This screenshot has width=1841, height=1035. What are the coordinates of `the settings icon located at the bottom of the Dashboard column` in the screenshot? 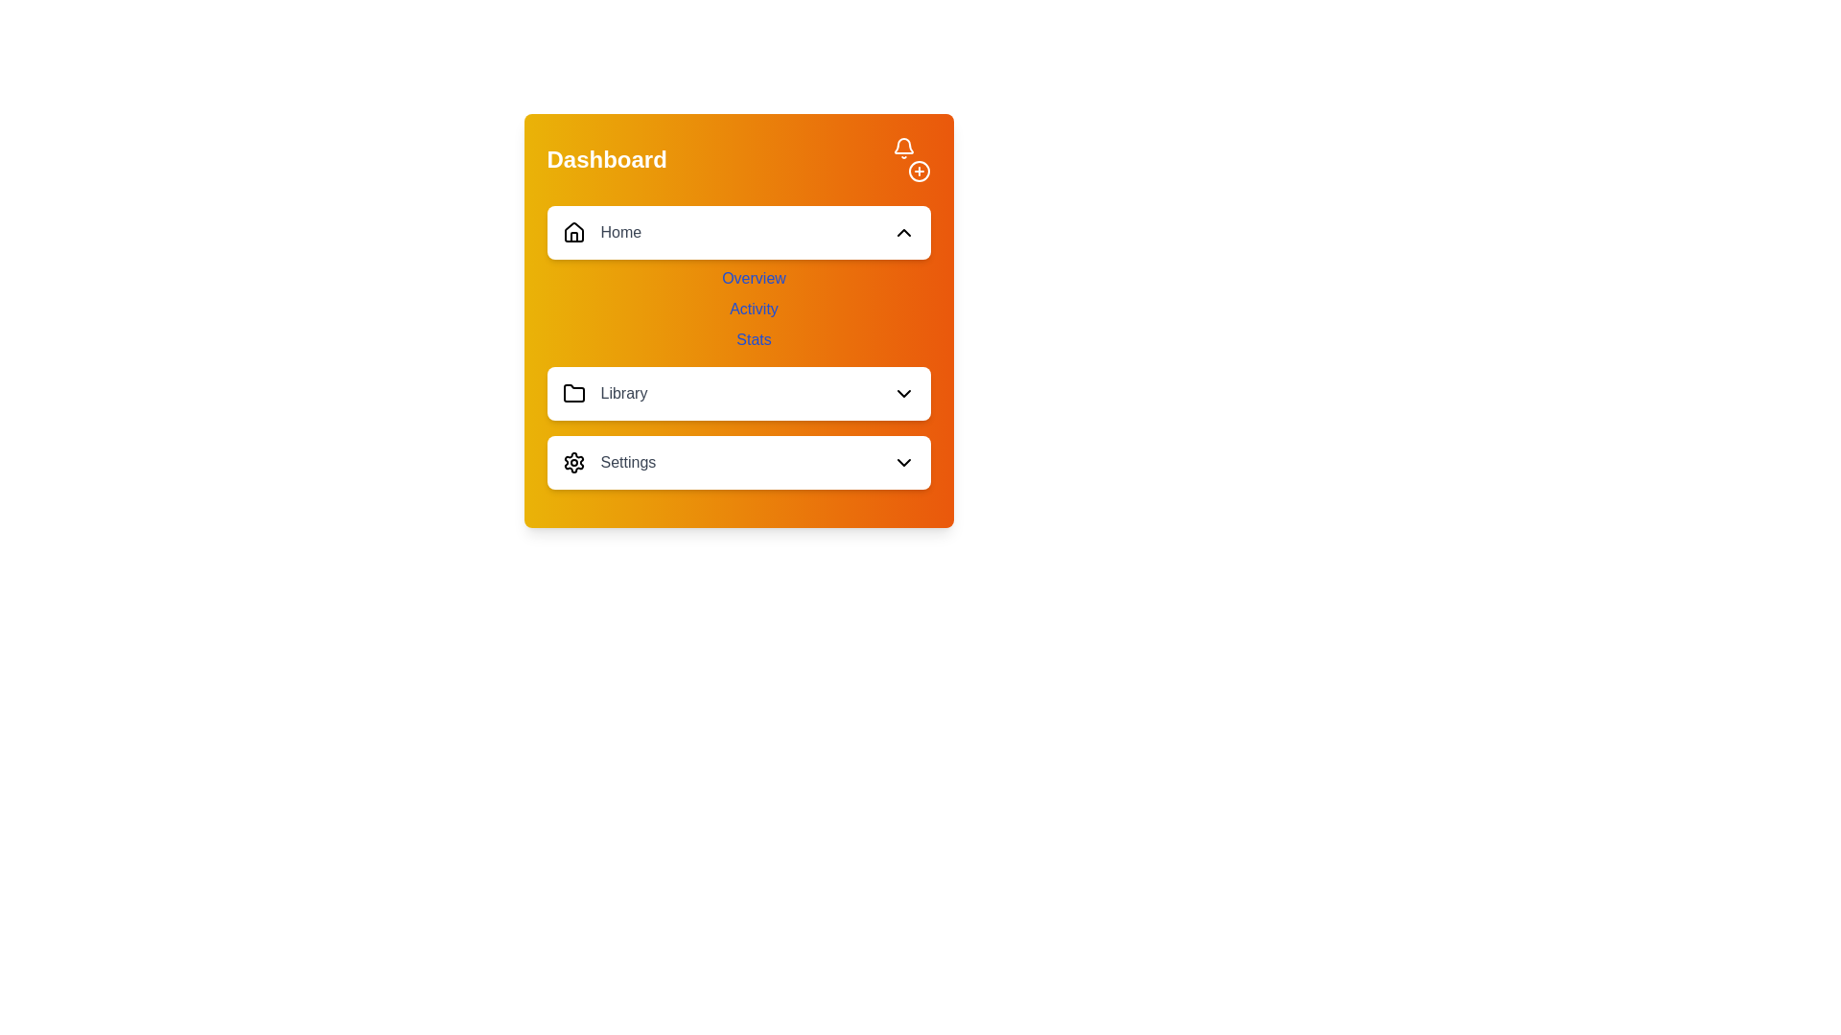 It's located at (572, 462).